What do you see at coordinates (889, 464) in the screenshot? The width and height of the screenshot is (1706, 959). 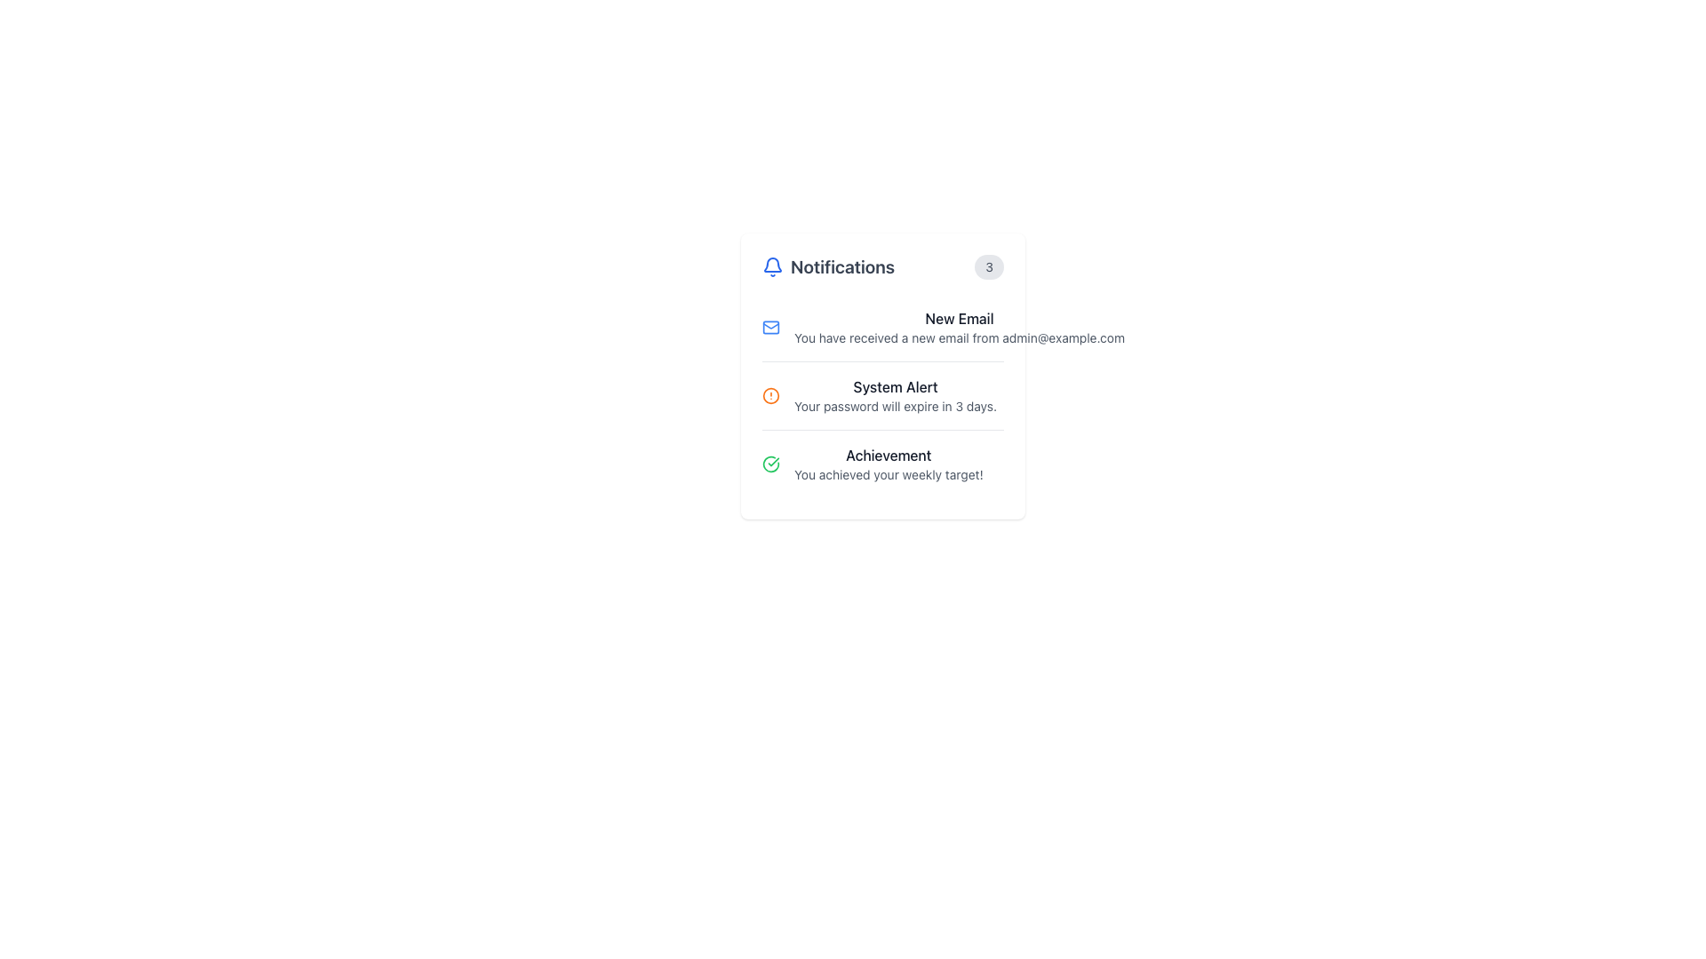 I see `text block containing the heading 'Achievement' and the message 'You achieved your weekly target!' located in the middle right section of the notification panel` at bounding box center [889, 464].